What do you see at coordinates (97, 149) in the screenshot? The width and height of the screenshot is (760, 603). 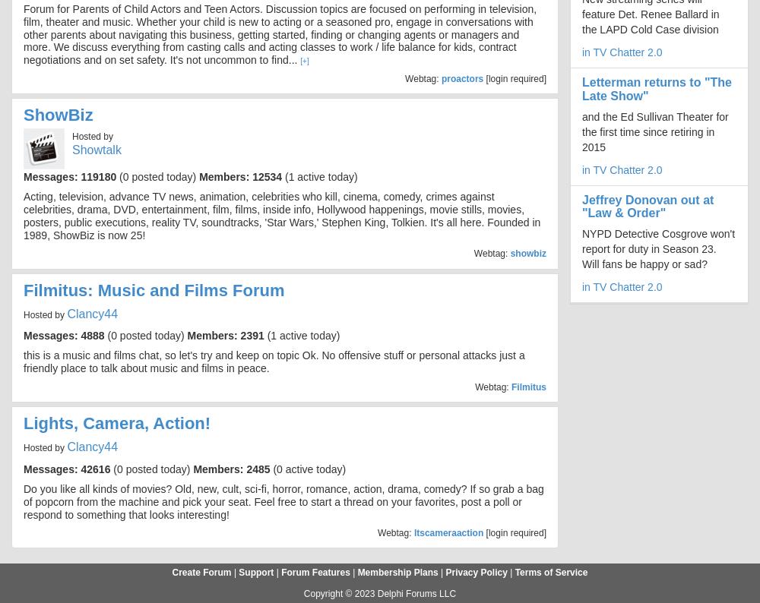 I see `'Showtalk'` at bounding box center [97, 149].